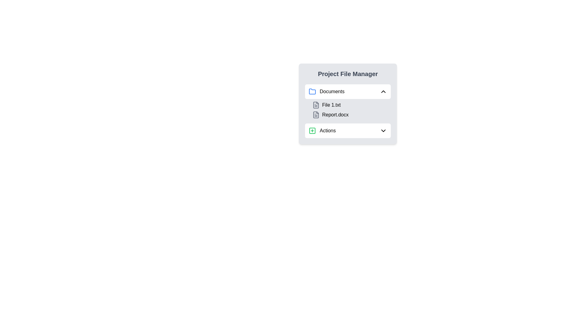  I want to click on the black downwards chevron arrow icon located to the right of the 'Actions' text, so click(383, 130).